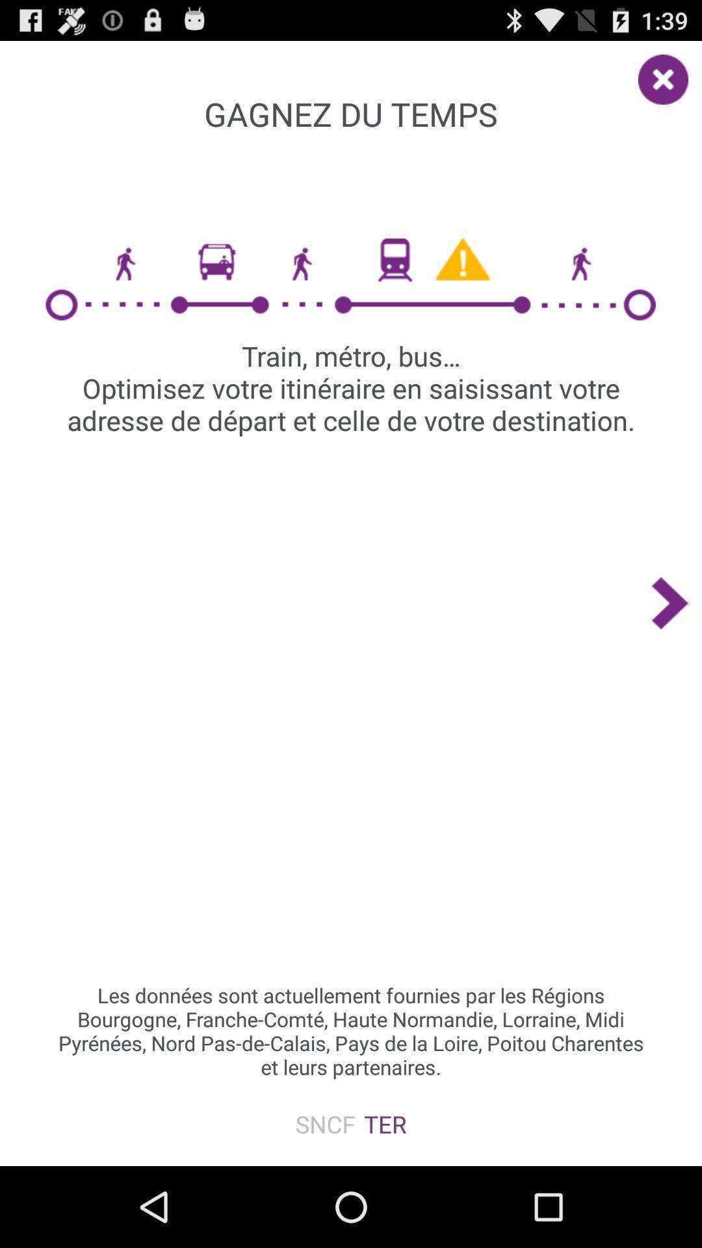  I want to click on item at the top right corner, so click(669, 72).